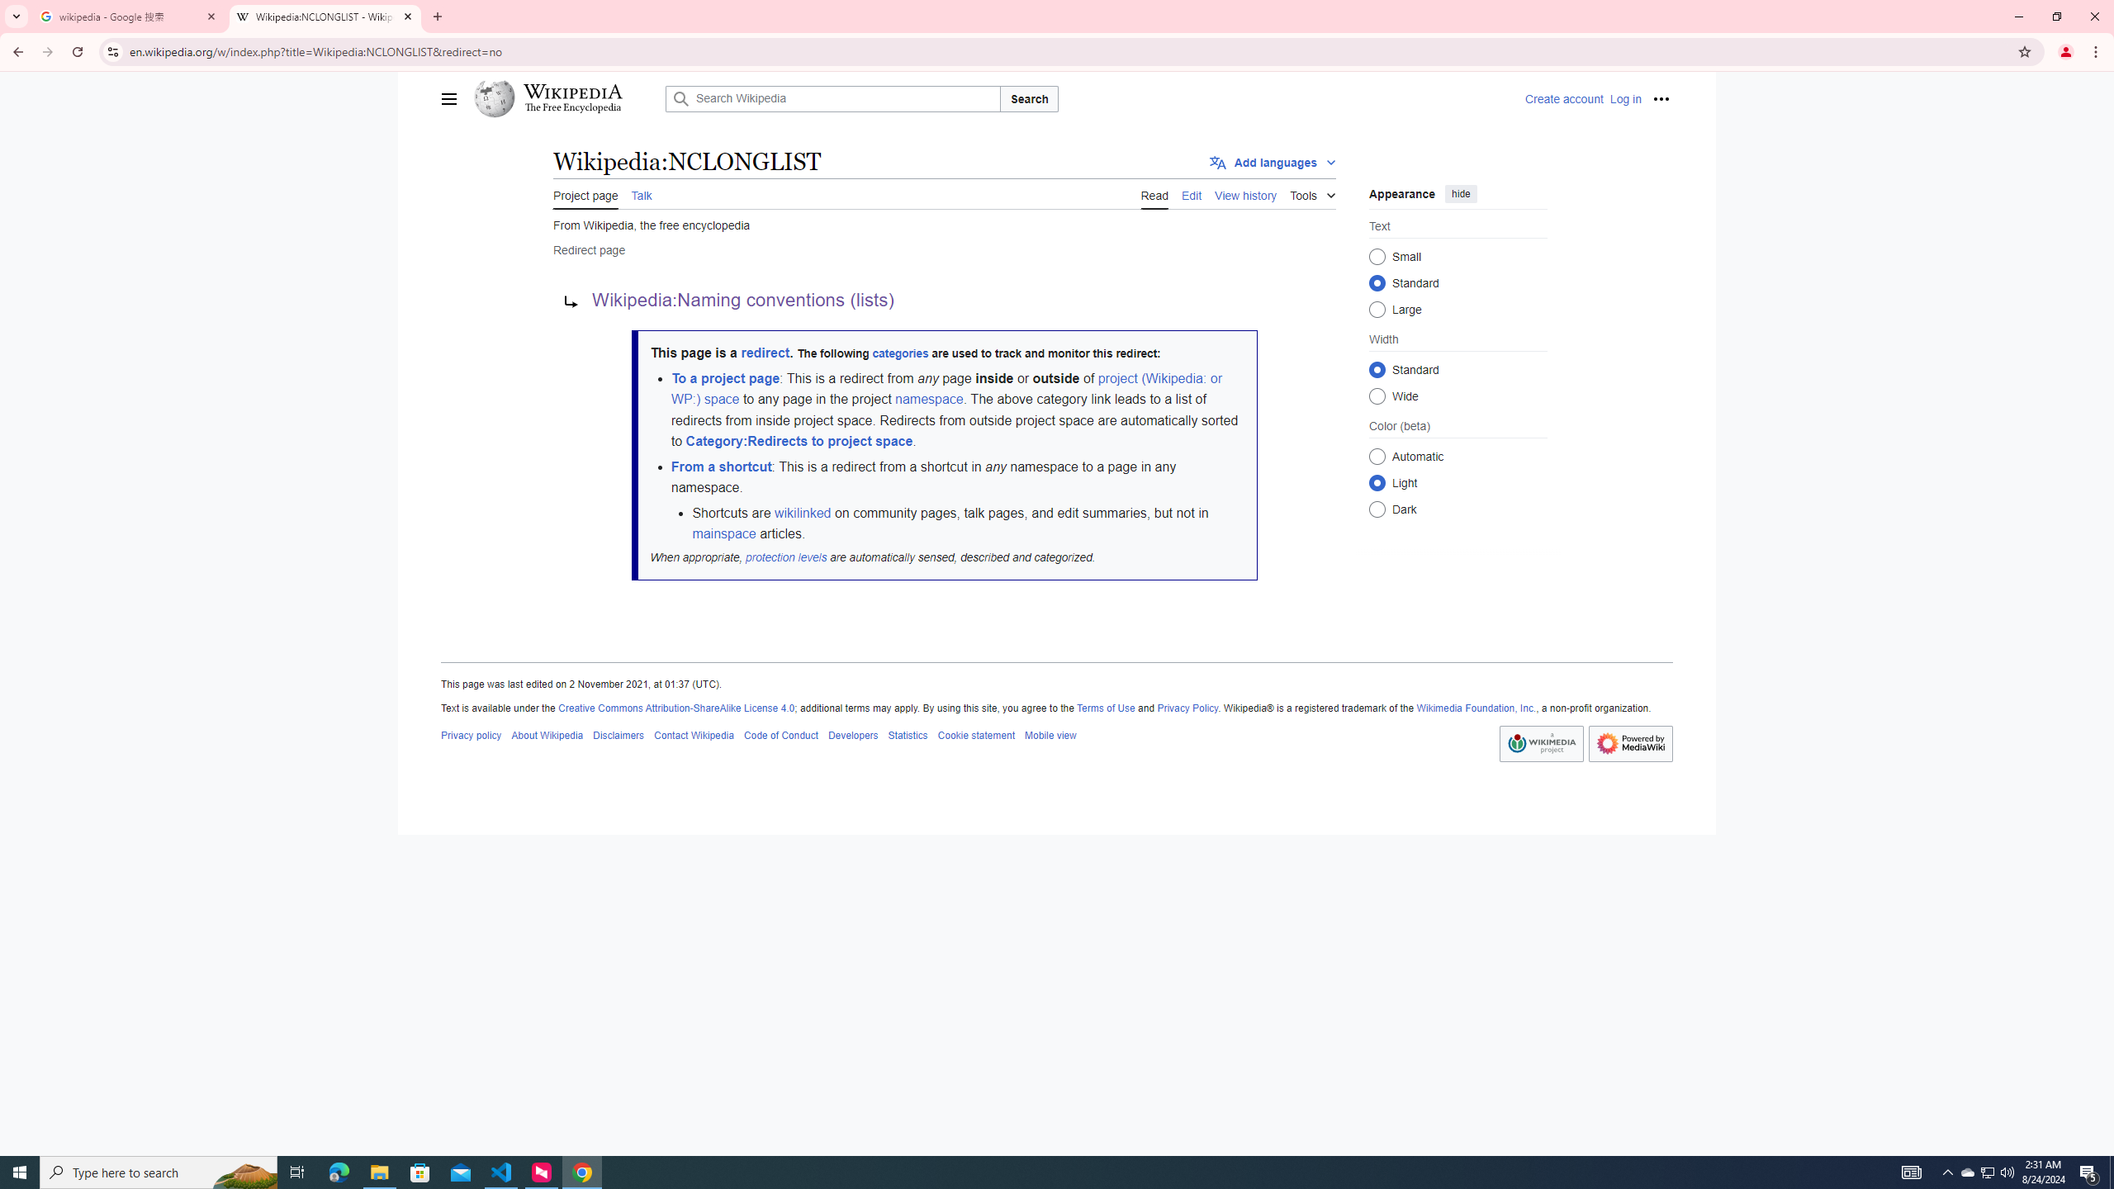 The width and height of the screenshot is (2114, 1189). What do you see at coordinates (851, 734) in the screenshot?
I see `'Developers'` at bounding box center [851, 734].